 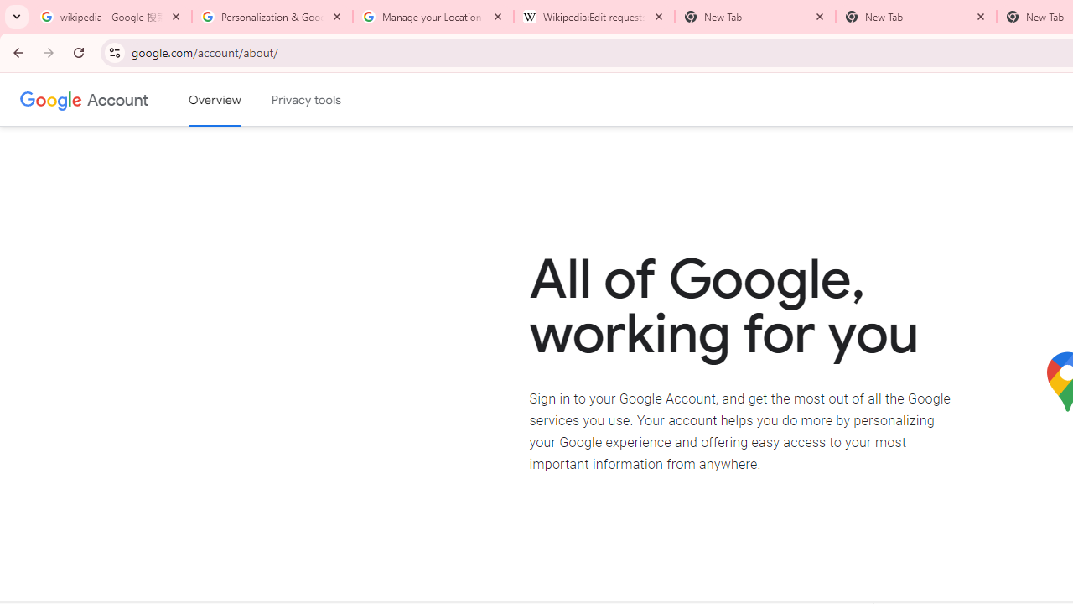 I want to click on 'Manage your Location History - Google Search Help', so click(x=433, y=17).